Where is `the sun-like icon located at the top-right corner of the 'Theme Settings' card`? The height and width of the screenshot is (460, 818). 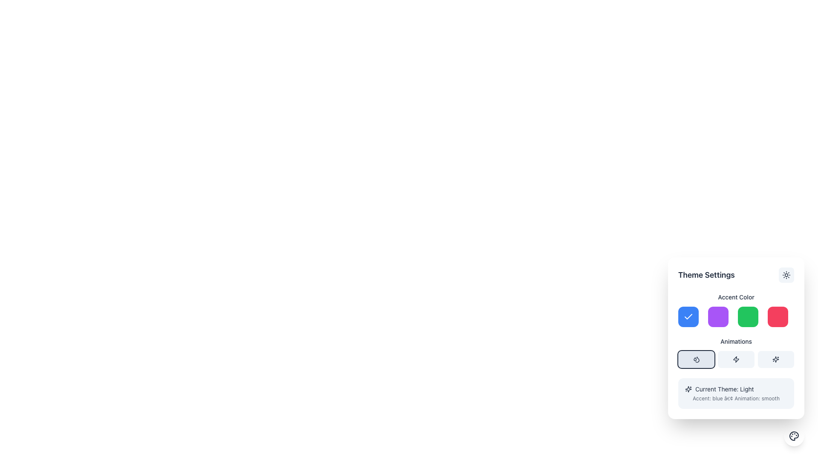 the sun-like icon located at the top-right corner of the 'Theme Settings' card is located at coordinates (786, 275).